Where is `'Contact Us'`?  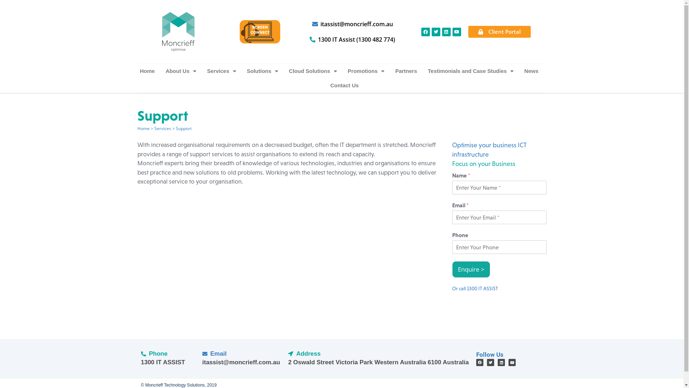
'Contact Us' is located at coordinates (330, 85).